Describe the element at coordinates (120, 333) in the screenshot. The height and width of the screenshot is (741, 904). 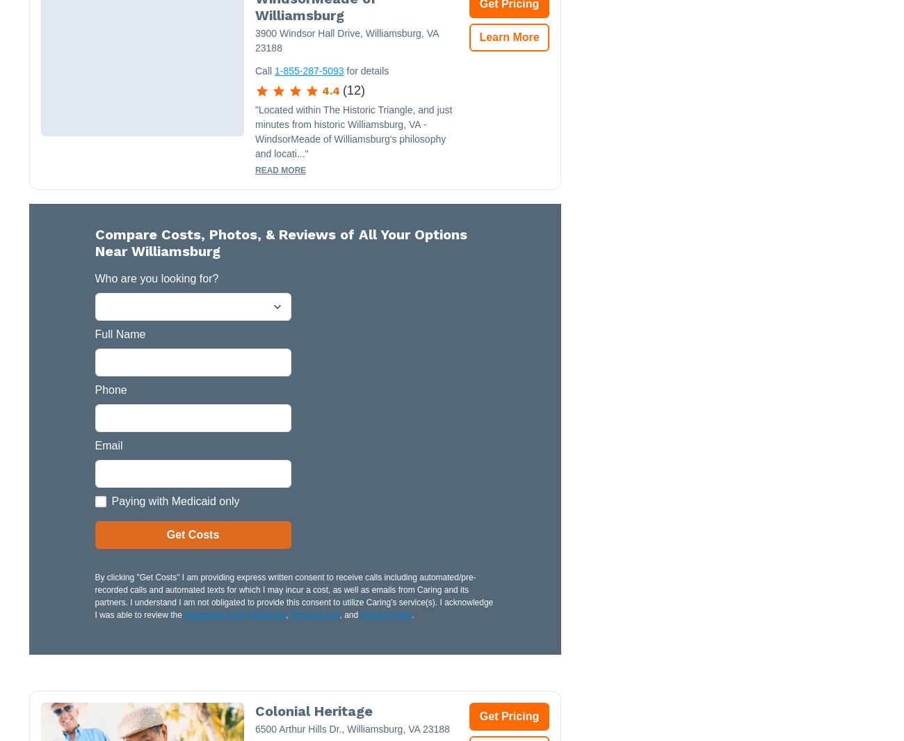
I see `'Full Name'` at that location.